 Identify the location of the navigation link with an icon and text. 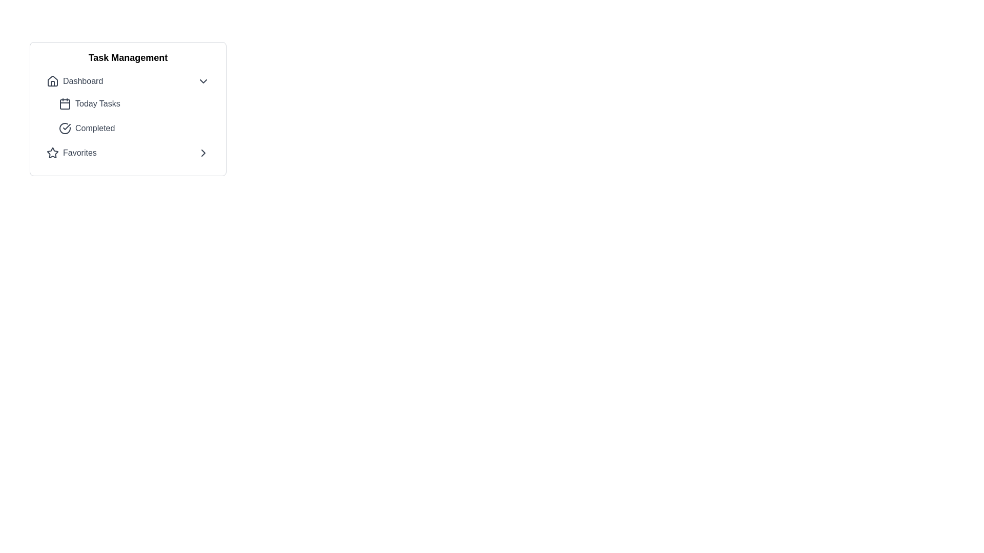
(74, 80).